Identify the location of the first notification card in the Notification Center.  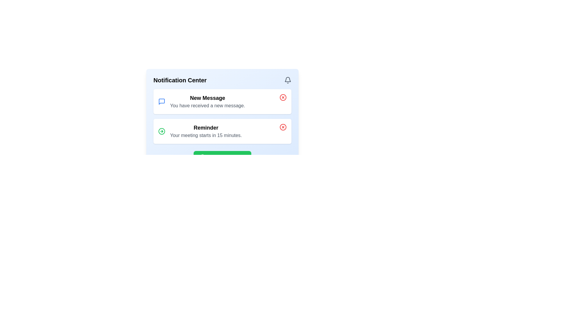
(222, 101).